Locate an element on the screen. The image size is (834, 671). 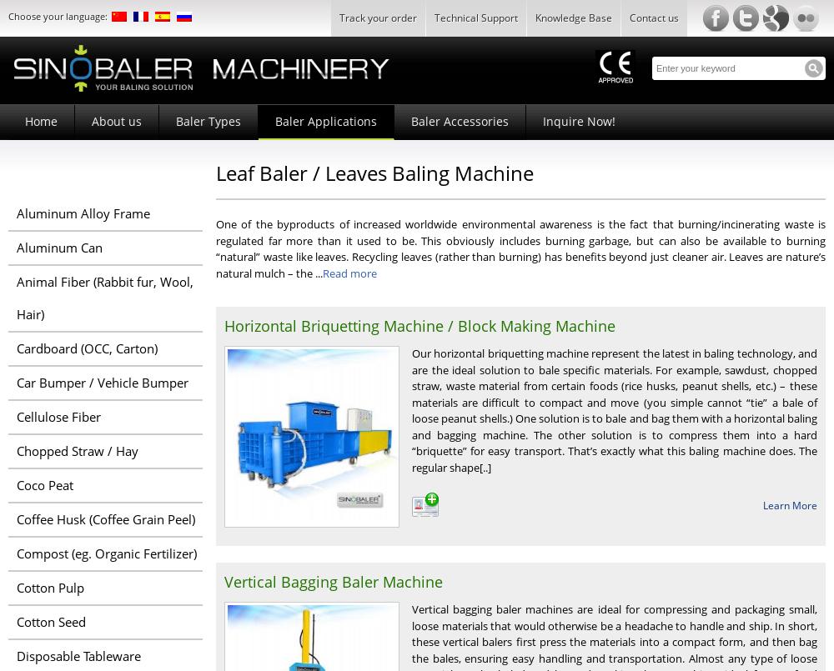
'Read more' is located at coordinates (349, 271).